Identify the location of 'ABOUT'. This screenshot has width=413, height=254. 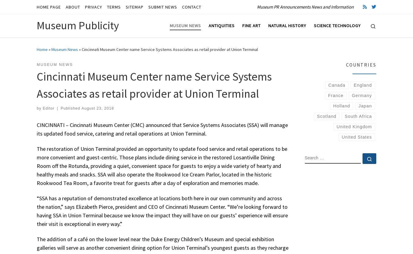
(66, 7).